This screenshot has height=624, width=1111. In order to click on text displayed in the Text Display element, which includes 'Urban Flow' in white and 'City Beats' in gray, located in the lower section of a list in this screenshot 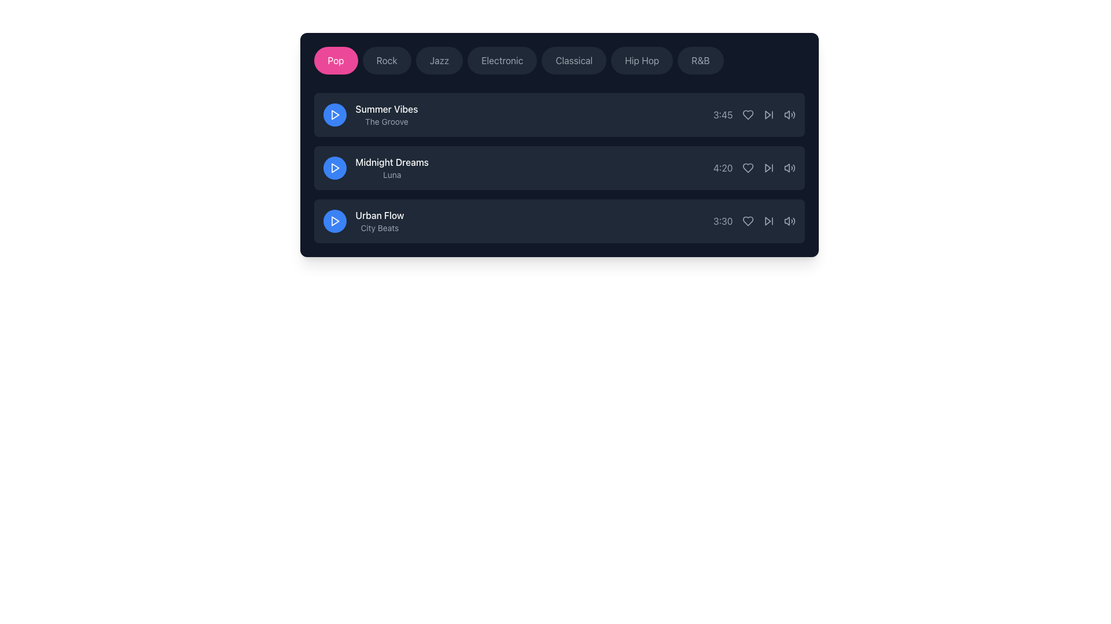, I will do `click(380, 221)`.